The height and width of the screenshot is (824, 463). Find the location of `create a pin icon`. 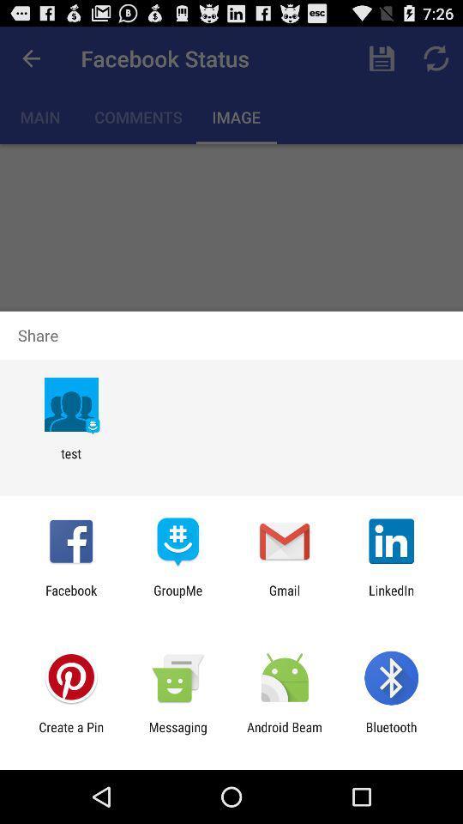

create a pin icon is located at coordinates (70, 734).